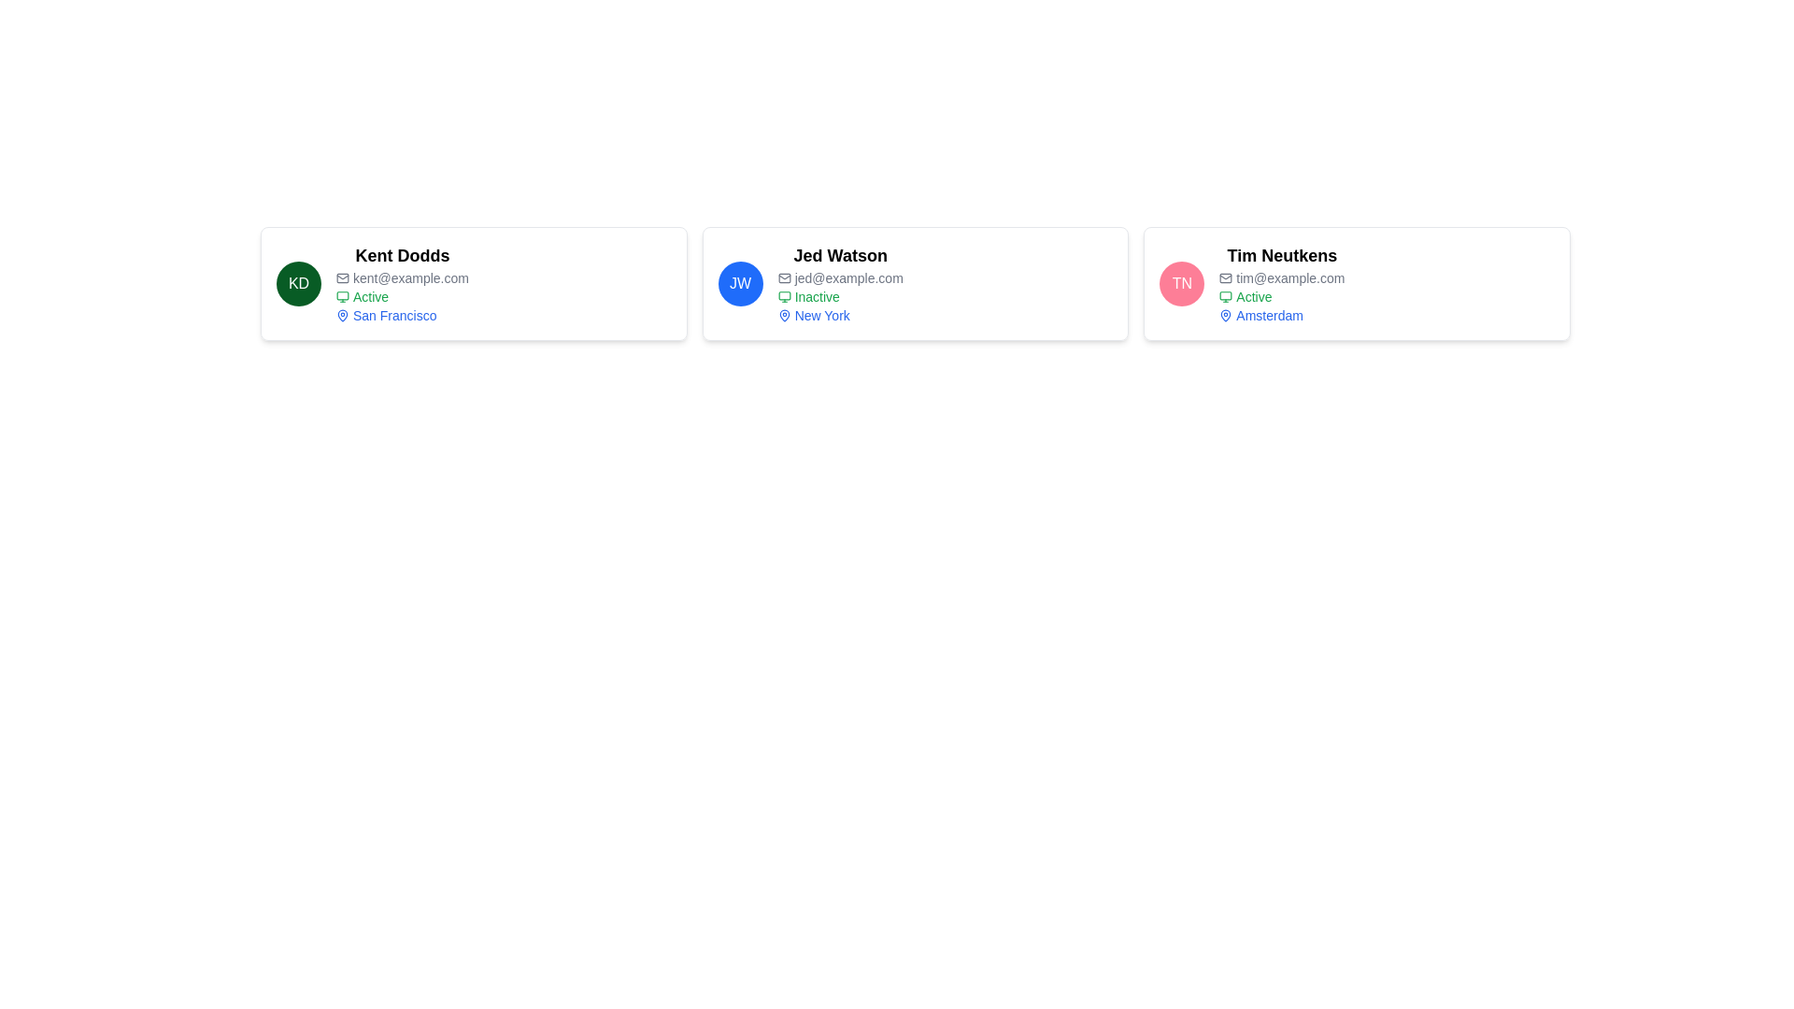 Image resolution: width=1794 pixels, height=1009 pixels. Describe the element at coordinates (784, 277) in the screenshot. I see `the email icon located to the left of the email address 'jed@example.com' in the contact card of 'Jed Watson'` at that location.